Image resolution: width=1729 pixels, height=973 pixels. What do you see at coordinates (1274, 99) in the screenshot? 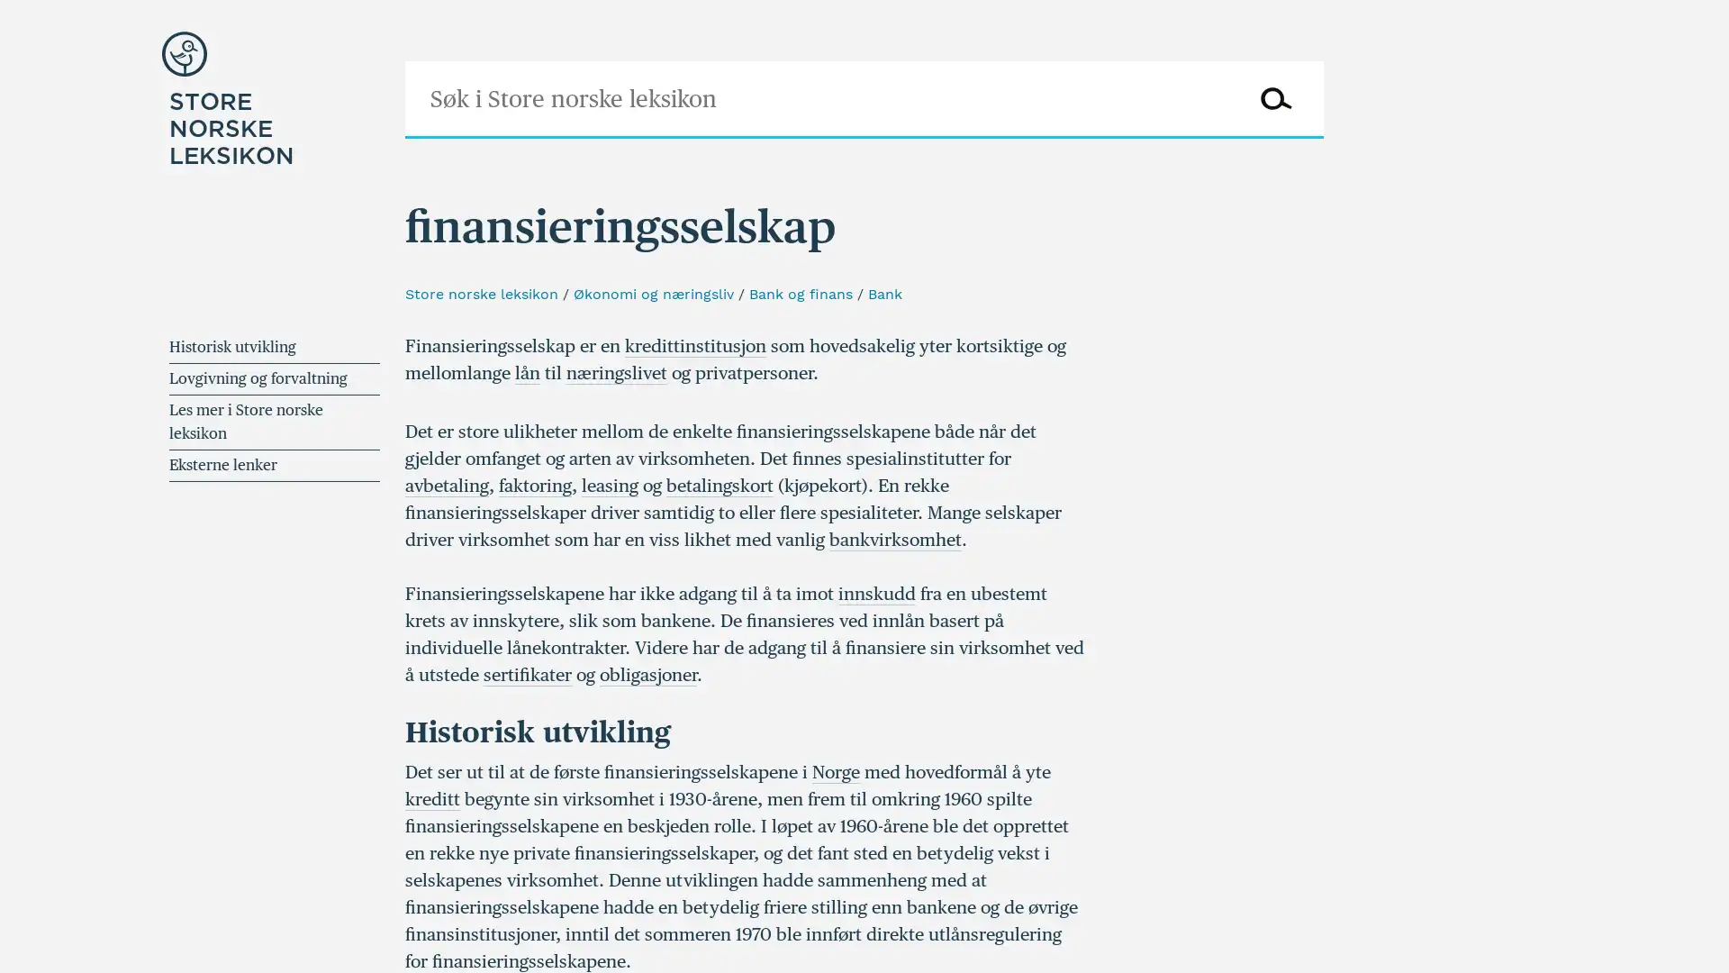
I see `Sk` at bounding box center [1274, 99].